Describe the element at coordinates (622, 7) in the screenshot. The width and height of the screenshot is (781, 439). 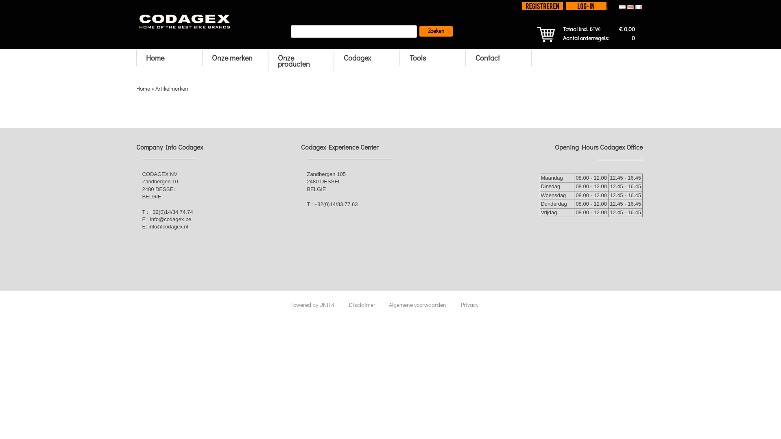
I see `'Nederlands'` at that location.